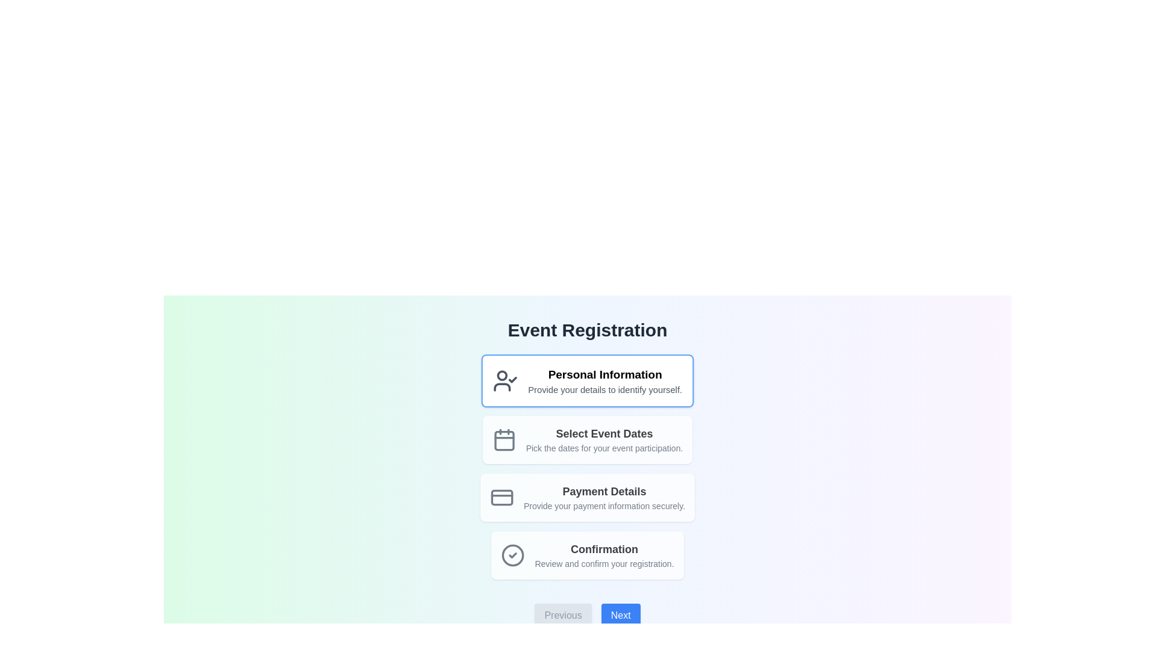  Describe the element at coordinates (604, 564) in the screenshot. I see `text component displaying 'Review and confirm your registration.' located below the title 'Confirmation' in the registration confirmation step` at that location.